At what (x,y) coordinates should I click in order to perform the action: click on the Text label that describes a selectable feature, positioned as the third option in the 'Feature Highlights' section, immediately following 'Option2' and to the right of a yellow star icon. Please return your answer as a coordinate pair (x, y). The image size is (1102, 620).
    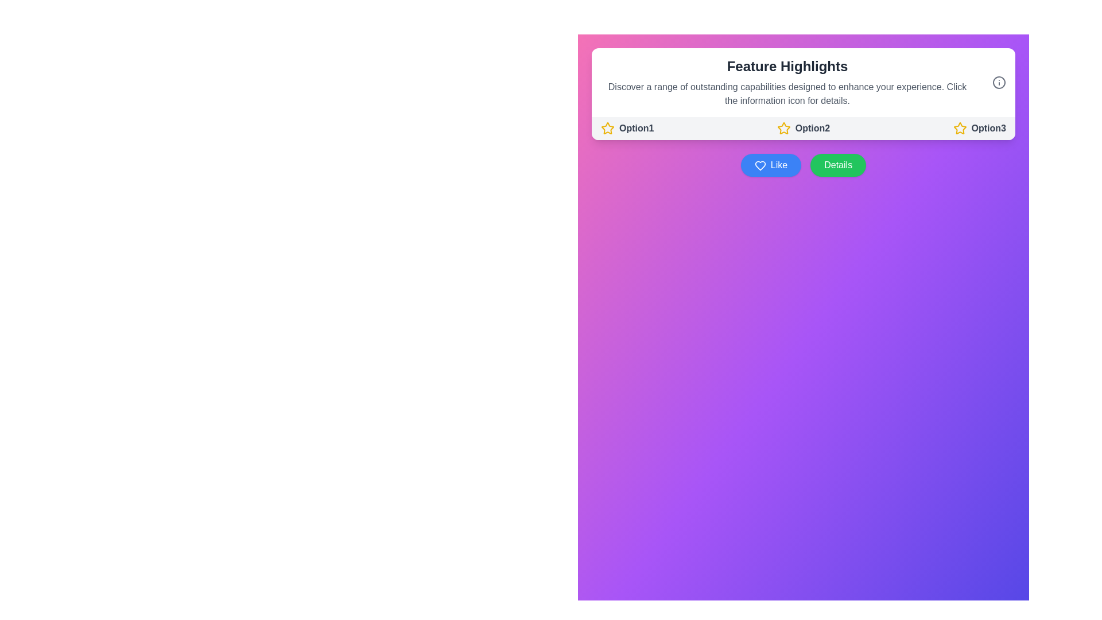
    Looking at the image, I should click on (988, 128).